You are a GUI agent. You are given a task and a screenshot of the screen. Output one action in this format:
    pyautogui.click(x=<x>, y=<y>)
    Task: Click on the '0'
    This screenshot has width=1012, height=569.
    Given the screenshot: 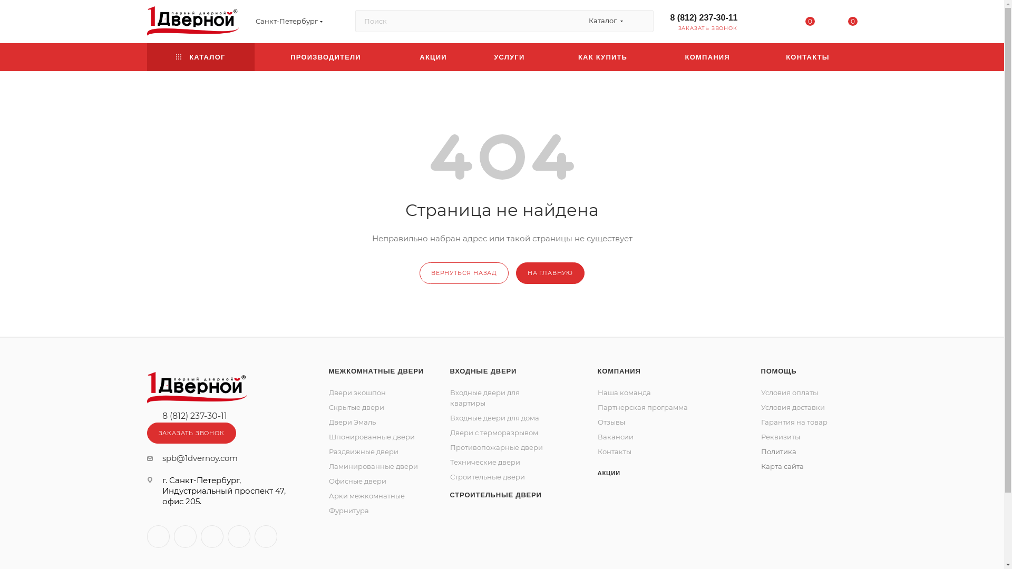 What is the action you would take?
    pyautogui.click(x=846, y=22)
    